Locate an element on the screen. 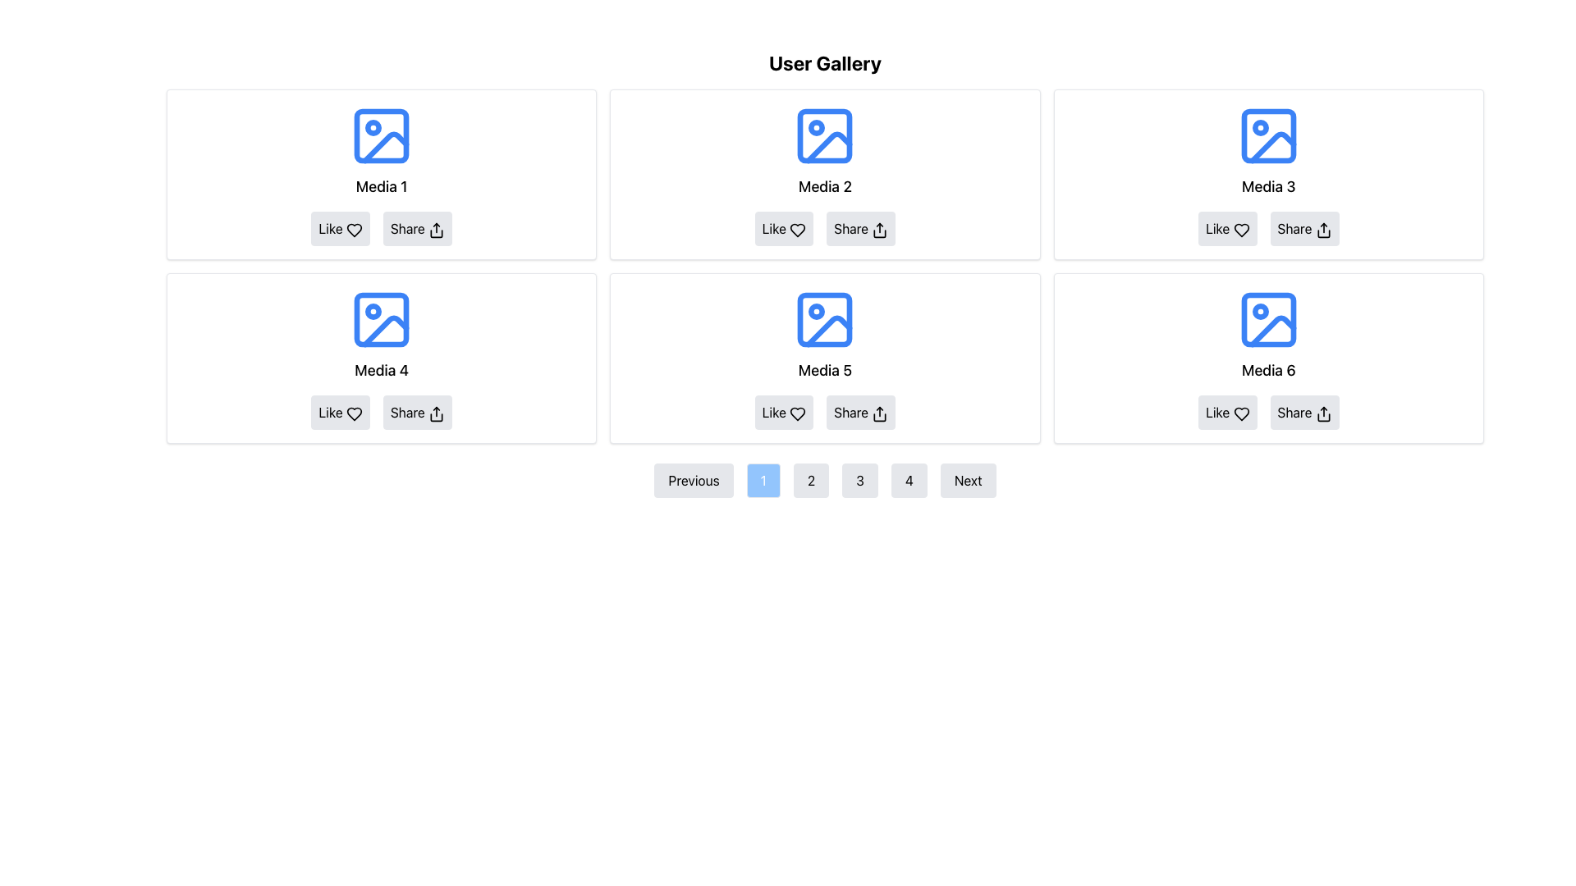  the 'Share' button located in the bottom center of the card labeled 'Media 2' in the second column of the top row of the gallery grid to share the content is located at coordinates (825, 228).